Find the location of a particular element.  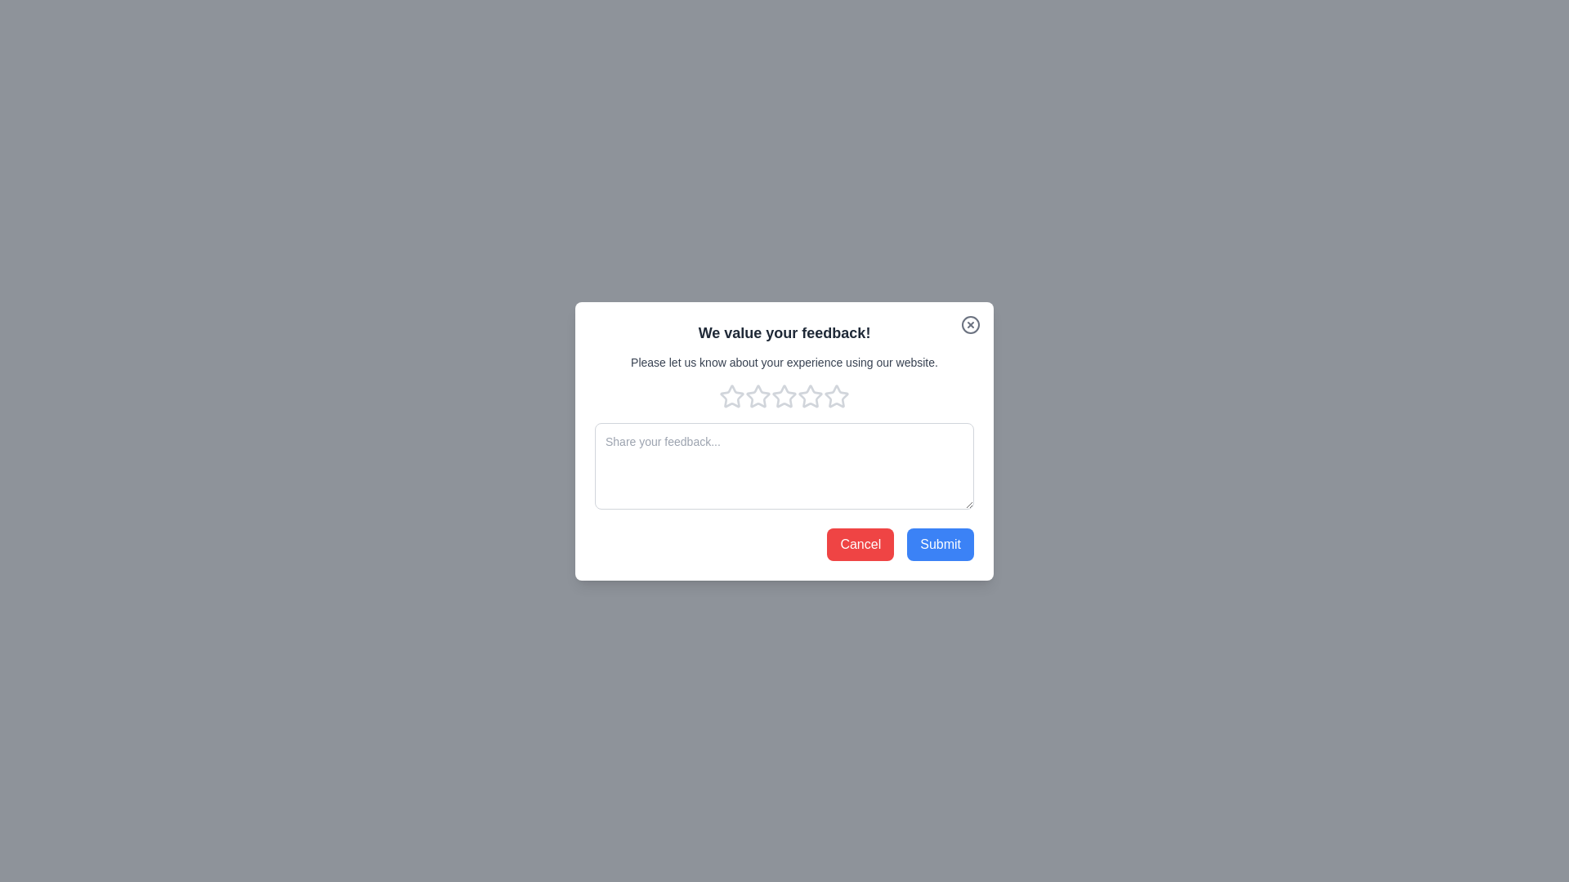

the 'Cancel' button to close the feedback dialog and cancel the submission is located at coordinates (859, 544).